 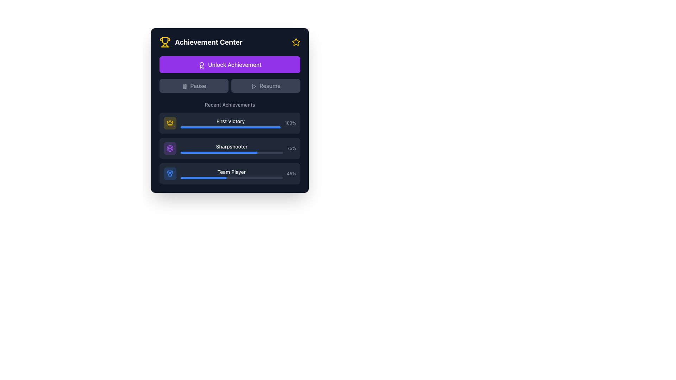 I want to click on the progress bar of the 'Team Player' achievement card, which is the third card in the vertical list of achievement cards in the 'Recent Achievements' section, so click(x=230, y=173).